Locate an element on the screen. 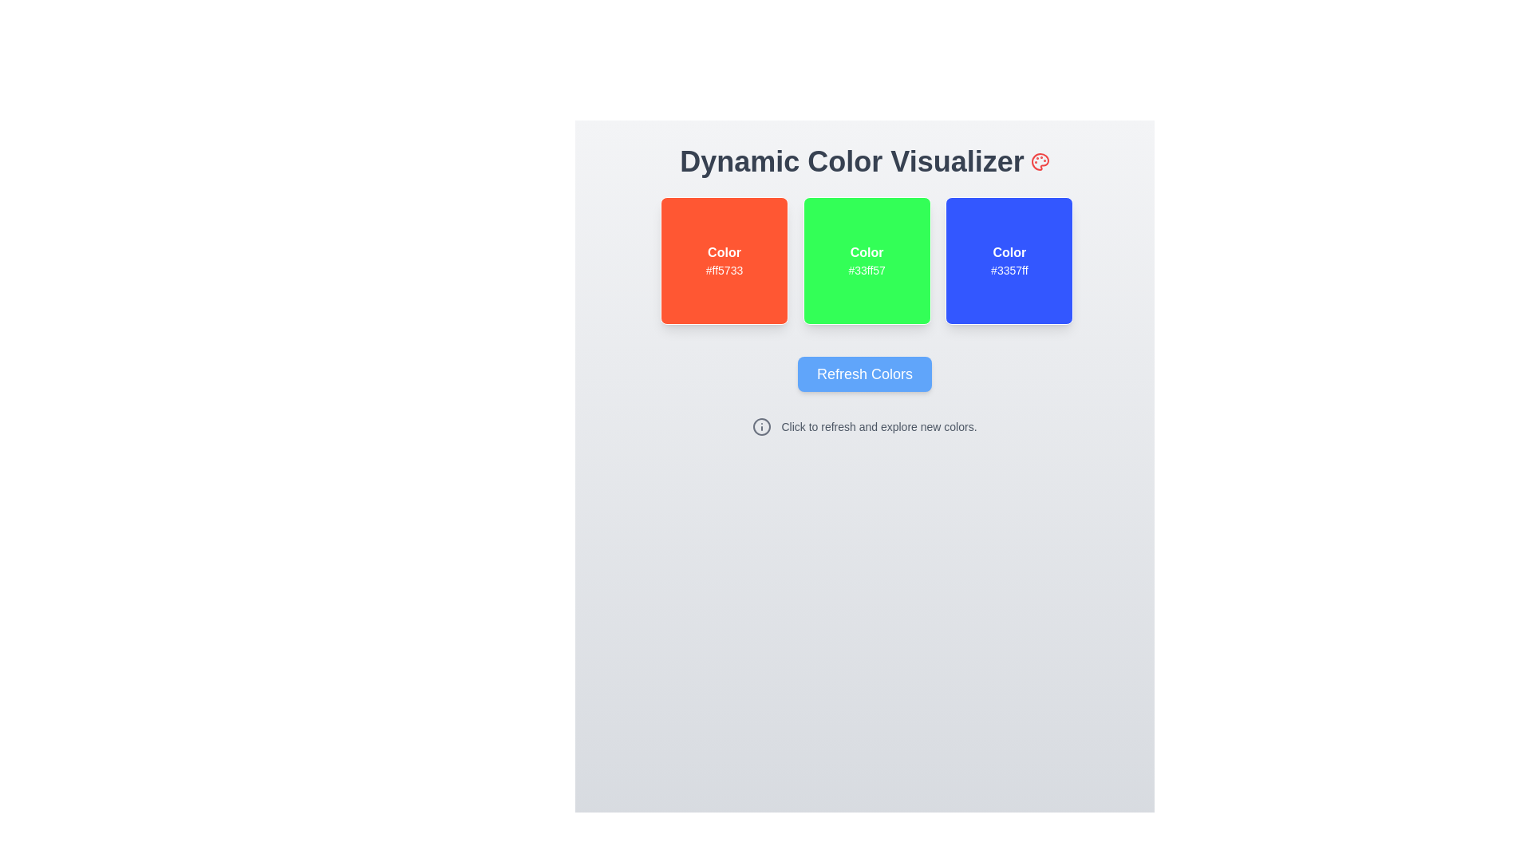  the 'Color' text label which is styled in bold and capitalized font, located at the top of the blue square card is located at coordinates (1009, 251).